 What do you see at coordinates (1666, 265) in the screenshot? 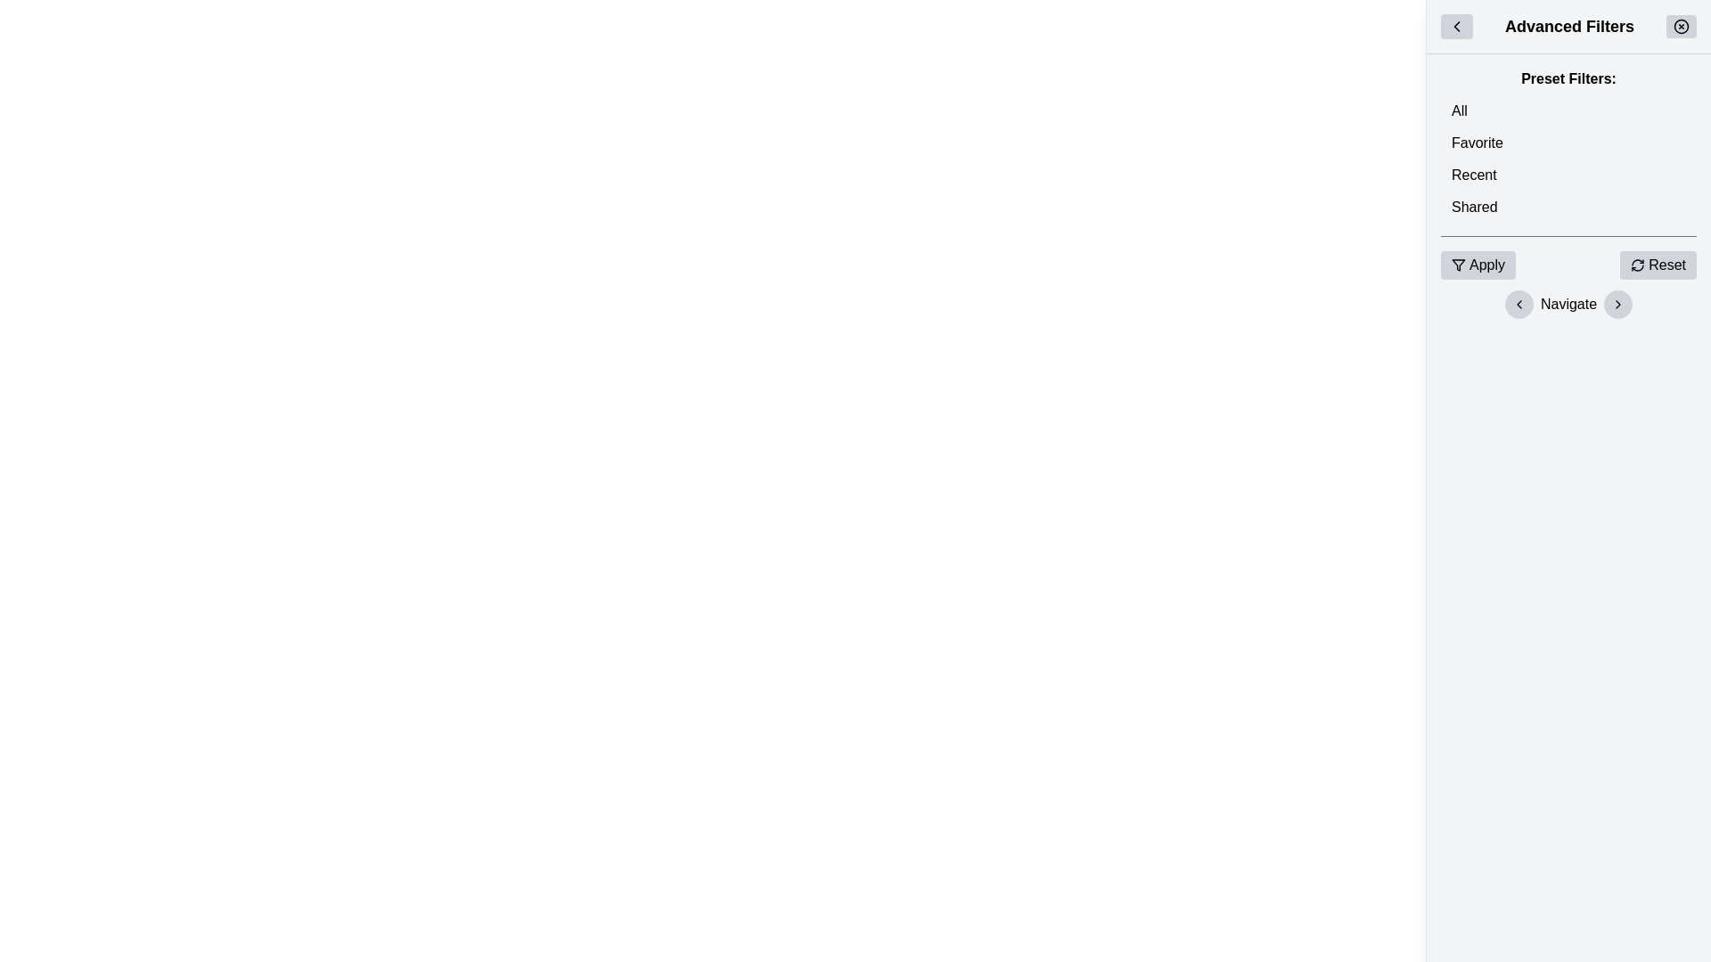
I see `the 'Reset' text label within the button that has a light gray background and a refresh icon` at bounding box center [1666, 265].